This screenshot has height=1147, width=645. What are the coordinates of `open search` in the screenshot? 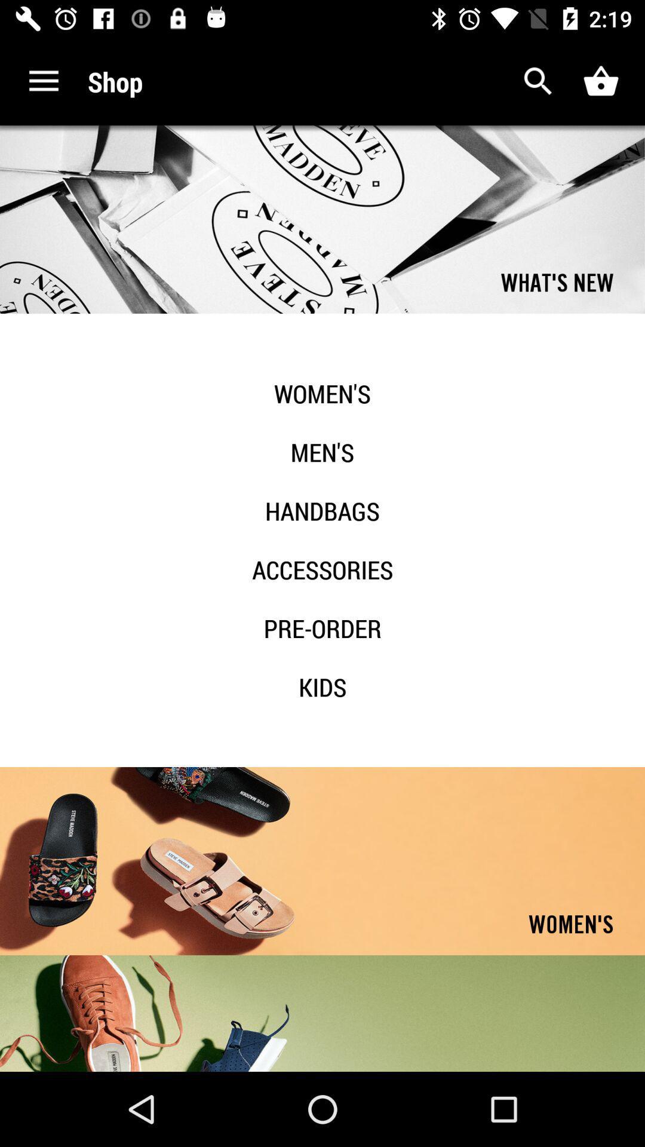 It's located at (538, 81).